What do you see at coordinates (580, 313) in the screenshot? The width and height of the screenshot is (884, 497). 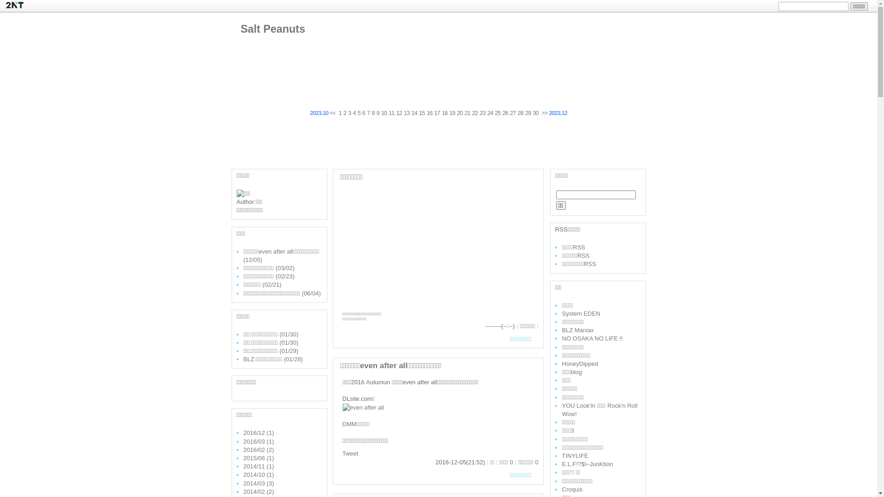 I see `'System EDEN'` at bounding box center [580, 313].